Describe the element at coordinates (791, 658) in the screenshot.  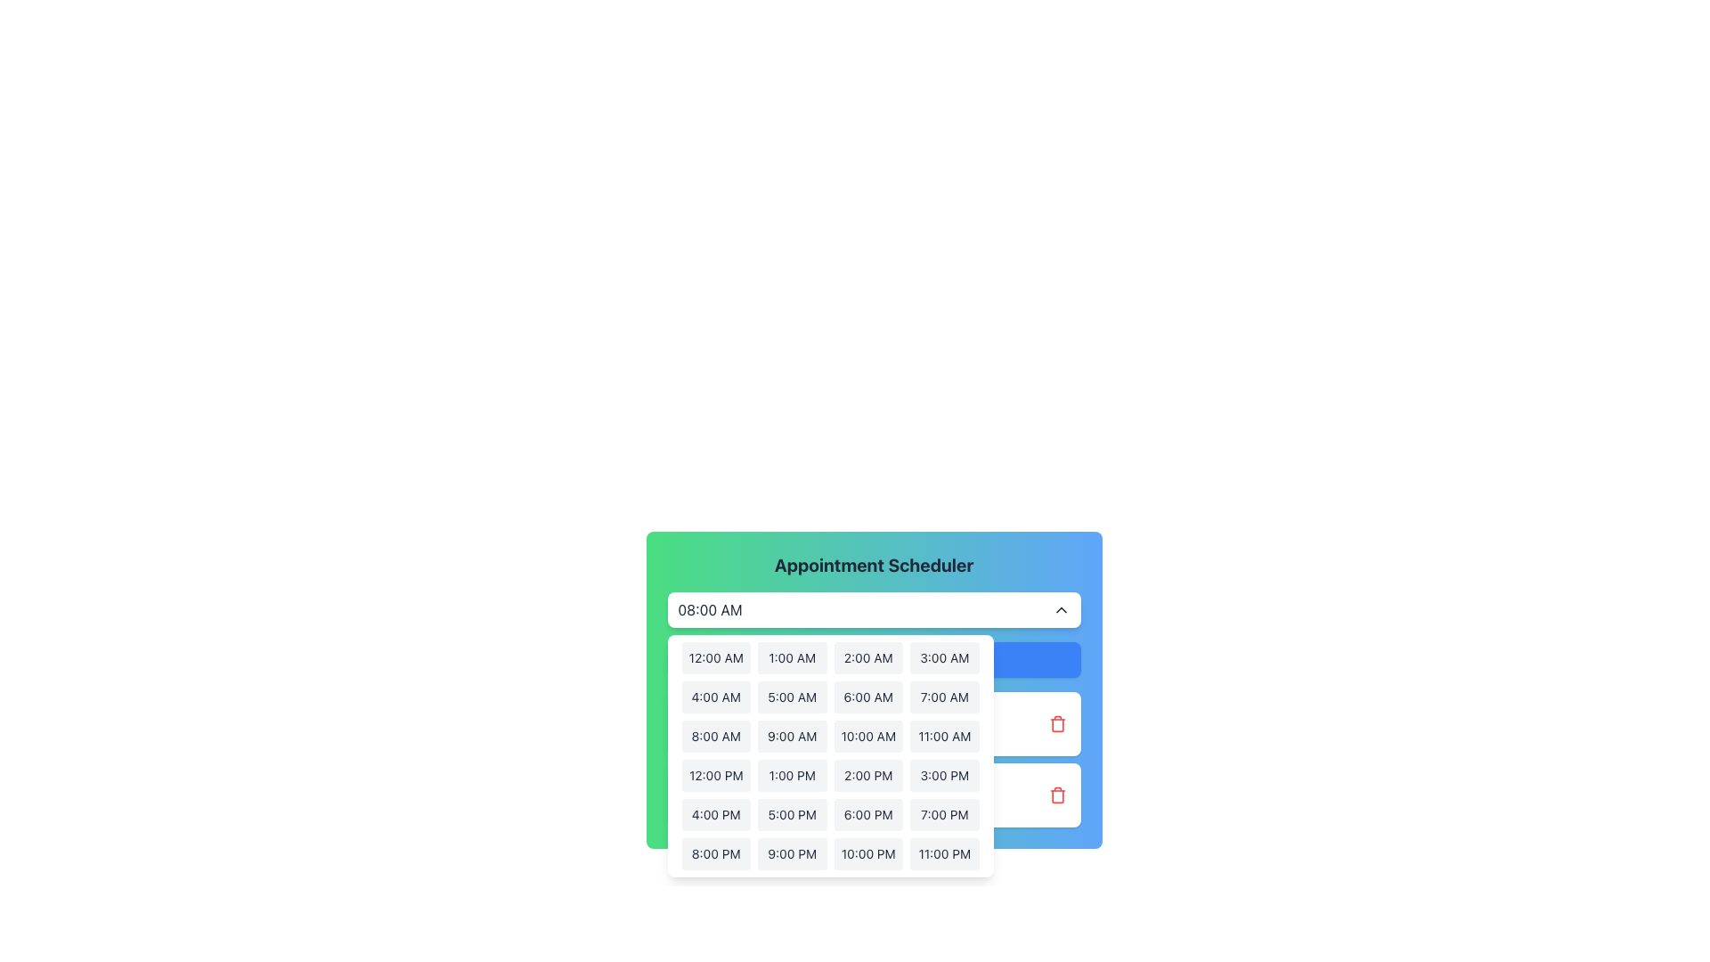
I see `the '1:00 AM' button, which is a rectangular button with a light gray background and rounded edges, located in the time selection grid of the scheduler interface` at that location.